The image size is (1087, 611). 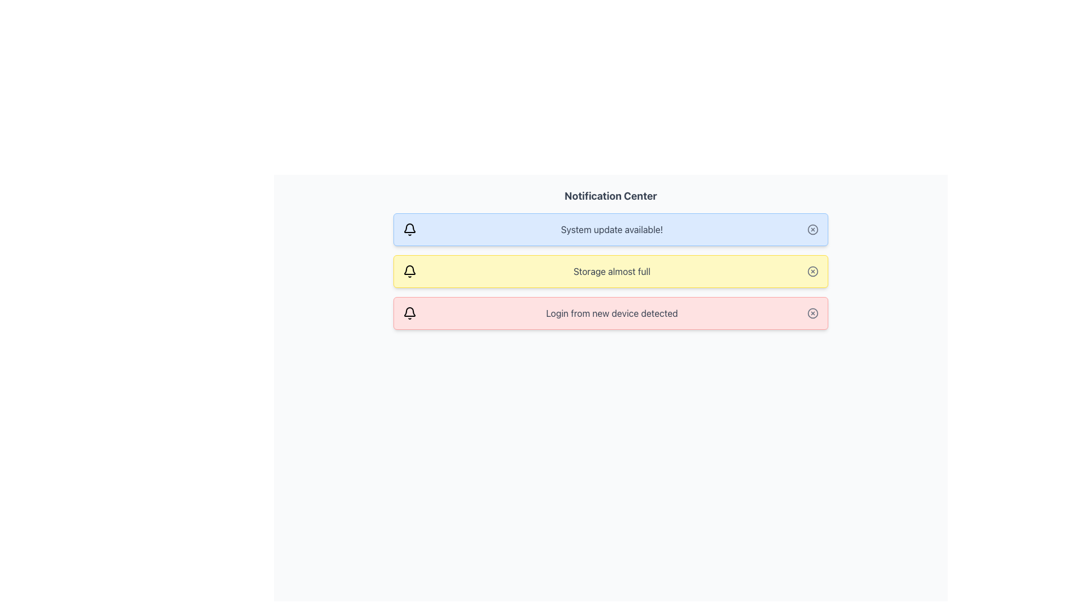 I want to click on the dismiss button located in the bottom-most notification card labeled 'Login from new device detected', so click(x=812, y=313).